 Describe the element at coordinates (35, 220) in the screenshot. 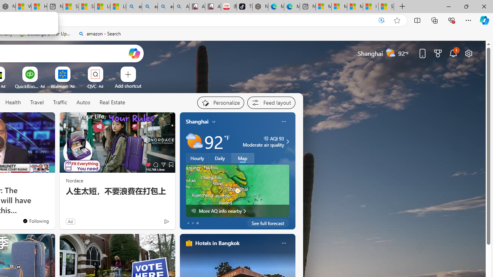

I see `'You'` at that location.